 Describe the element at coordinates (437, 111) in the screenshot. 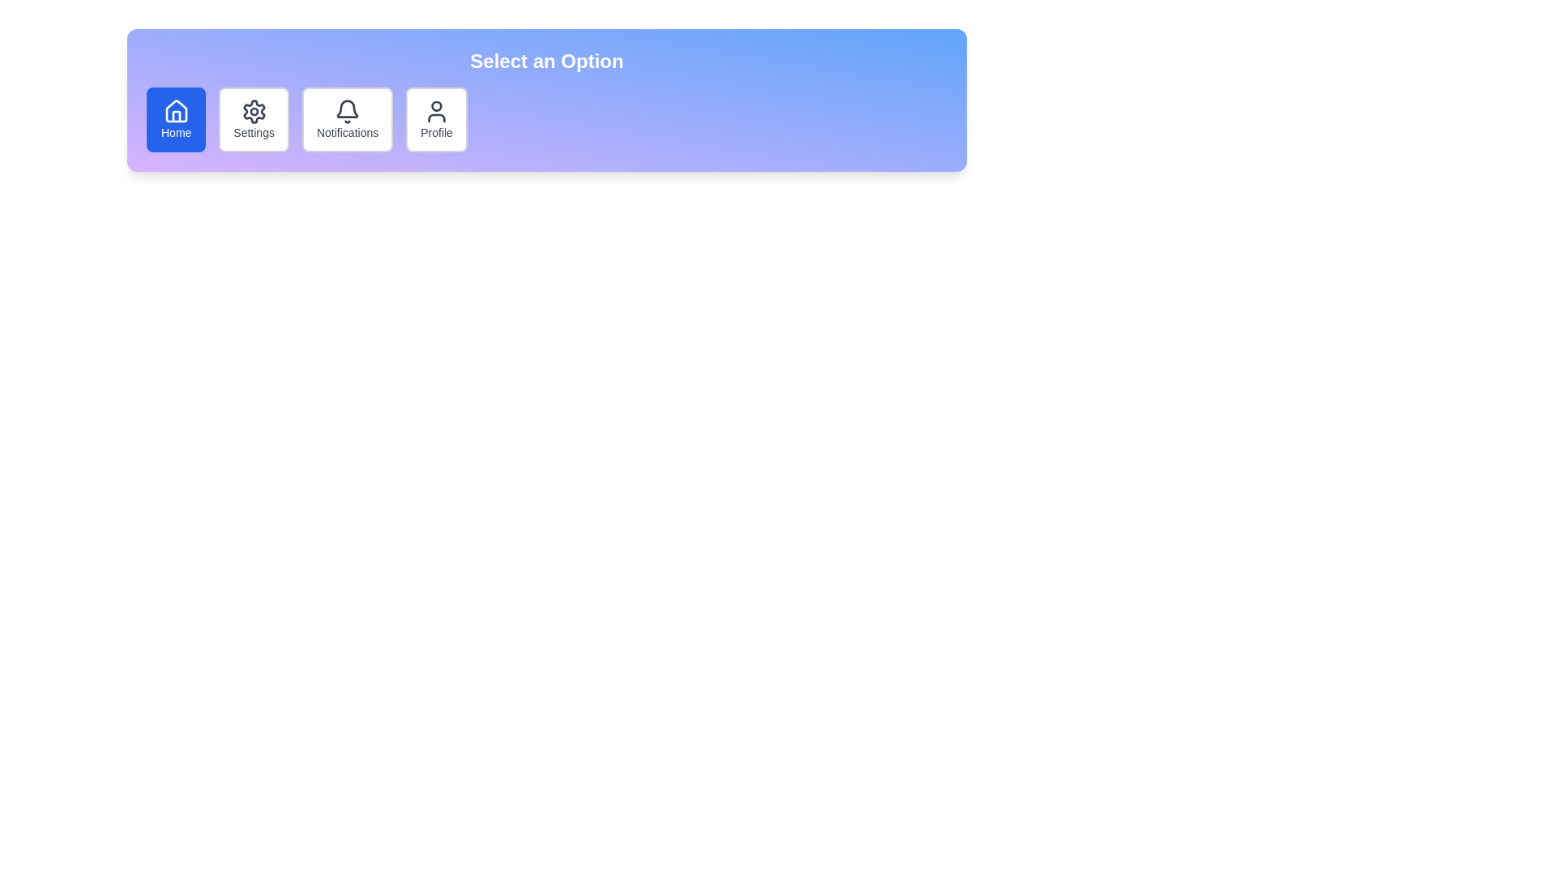

I see `the user profile icon located` at that location.